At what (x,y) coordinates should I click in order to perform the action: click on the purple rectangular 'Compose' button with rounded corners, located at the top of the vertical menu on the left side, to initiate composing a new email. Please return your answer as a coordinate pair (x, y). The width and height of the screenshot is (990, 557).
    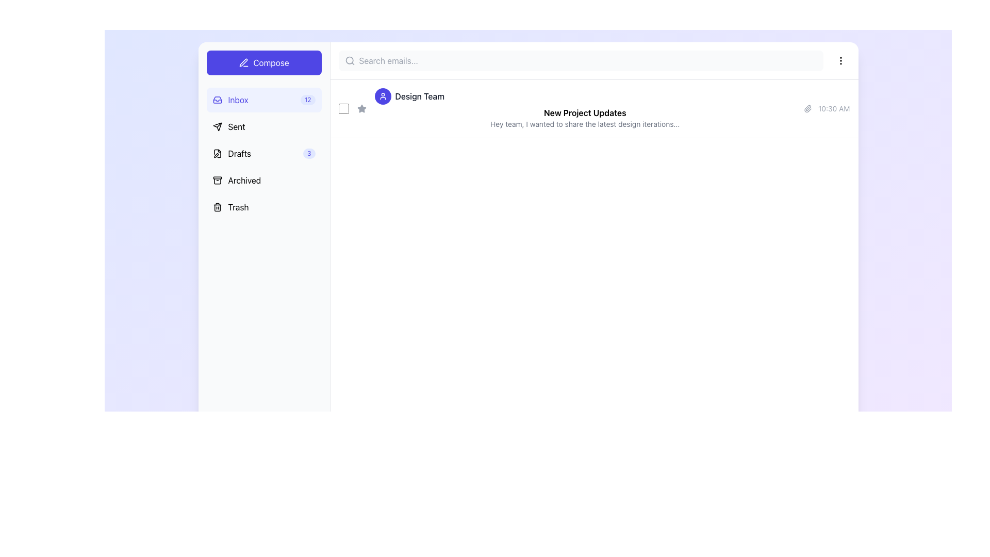
    Looking at the image, I should click on (264, 63).